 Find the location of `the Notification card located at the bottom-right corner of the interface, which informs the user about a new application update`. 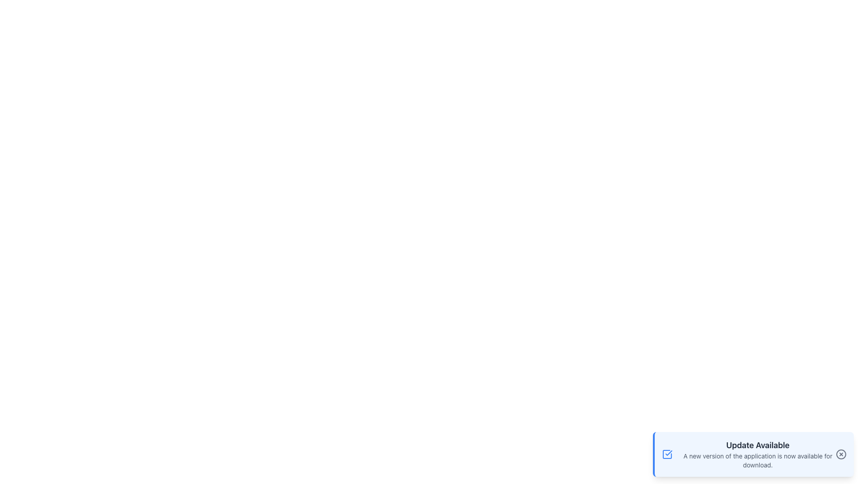

the Notification card located at the bottom-right corner of the interface, which informs the user about a new application update is located at coordinates (753, 454).